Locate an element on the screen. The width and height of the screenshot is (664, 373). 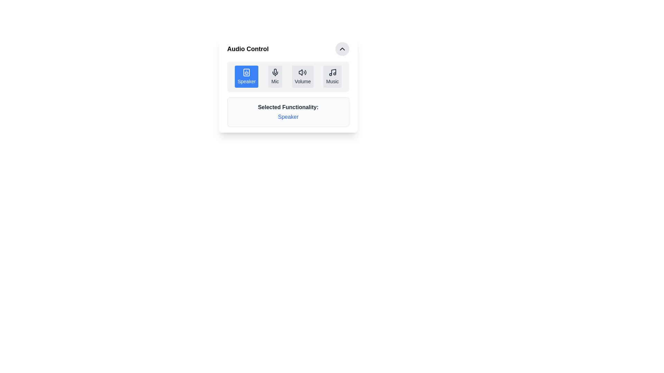
the 'Music' text label located below the musical note icon in the Audio Control panel is located at coordinates (332, 81).